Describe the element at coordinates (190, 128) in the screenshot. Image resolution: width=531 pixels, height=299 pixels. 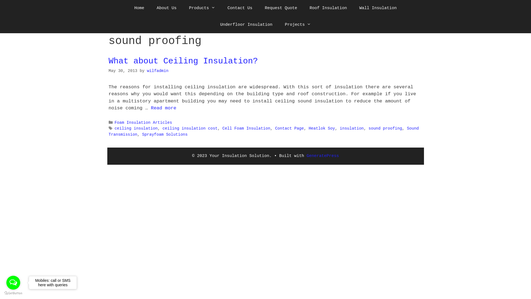
I see `'ceiling insulation cost'` at that location.